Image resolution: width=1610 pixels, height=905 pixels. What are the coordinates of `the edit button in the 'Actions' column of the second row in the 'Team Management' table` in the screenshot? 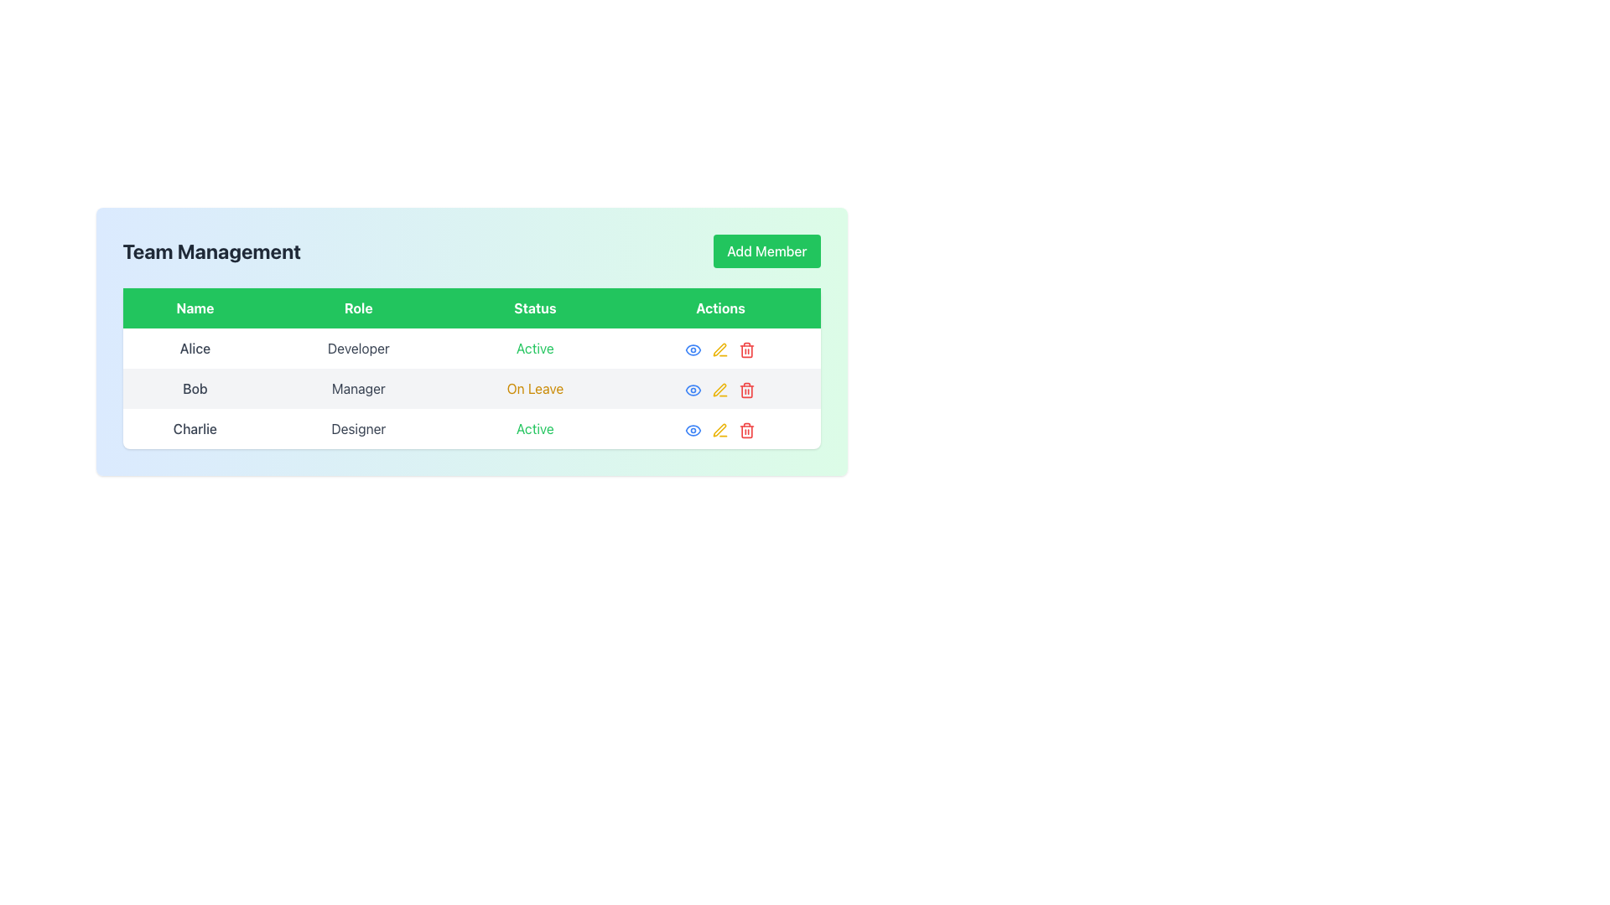 It's located at (720, 388).